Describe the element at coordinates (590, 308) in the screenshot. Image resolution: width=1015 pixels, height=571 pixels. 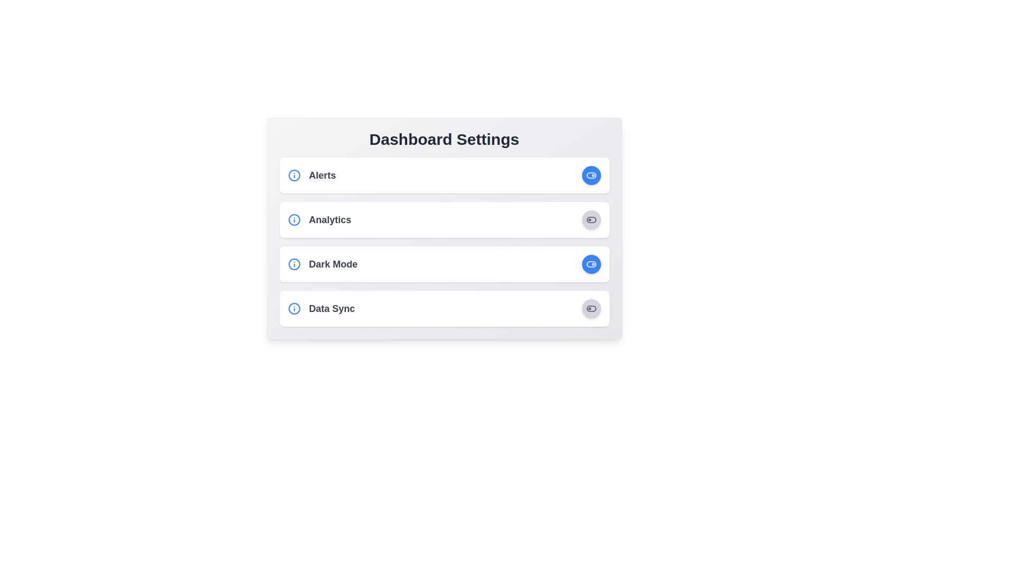
I see `toggle button for Data Sync to toggle its state` at that location.